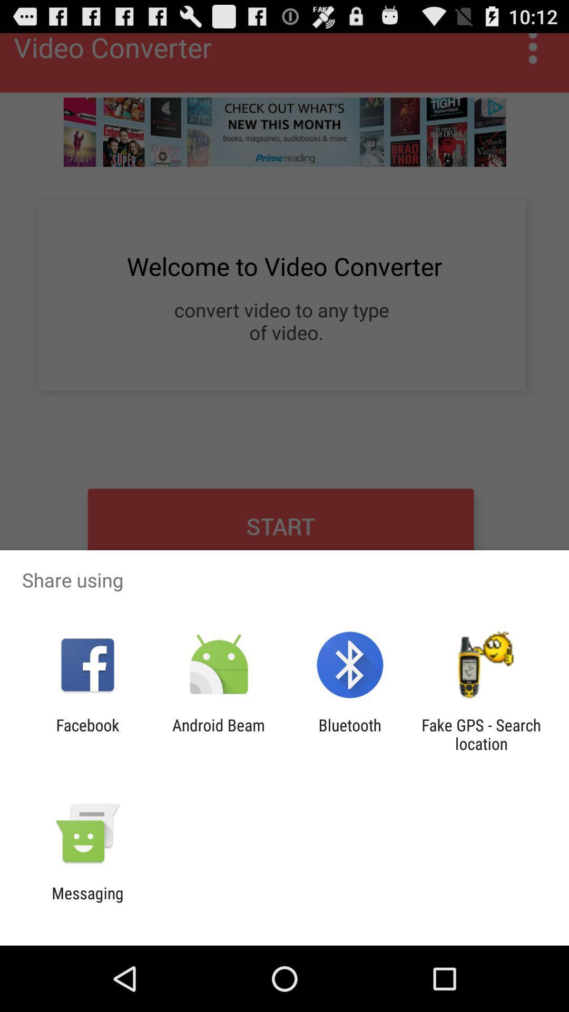  I want to click on the icon to the left of android beam, so click(87, 734).